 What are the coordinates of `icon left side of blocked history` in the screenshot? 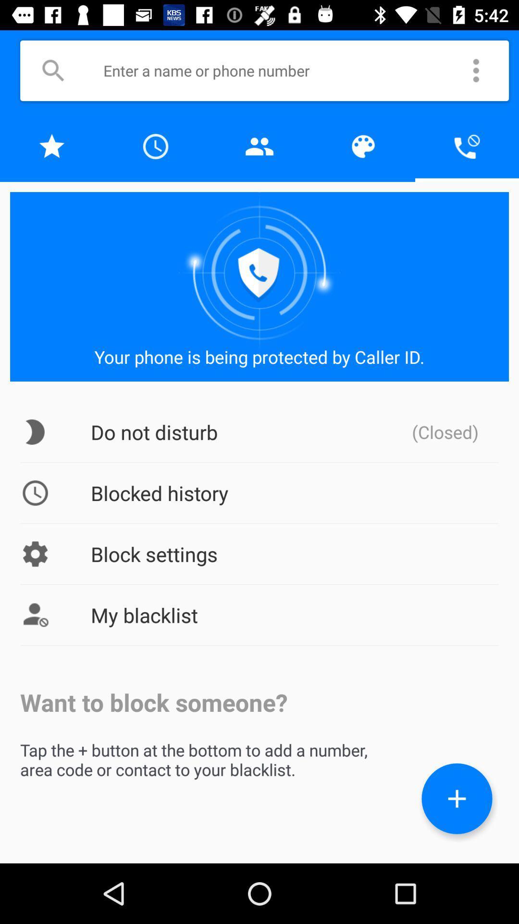 It's located at (35, 493).